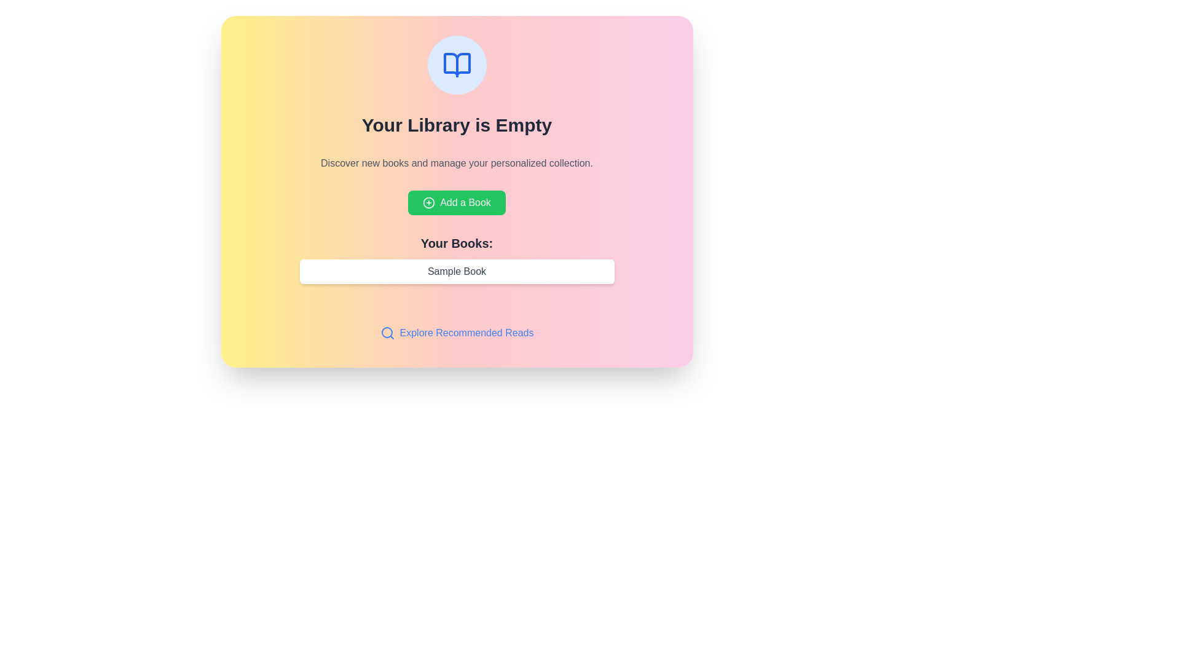 The height and width of the screenshot is (664, 1180). Describe the element at coordinates (456, 65) in the screenshot. I see `the circular icon with a blue circular background and an open book icon, located above the text 'Your Library is Empty'` at that location.